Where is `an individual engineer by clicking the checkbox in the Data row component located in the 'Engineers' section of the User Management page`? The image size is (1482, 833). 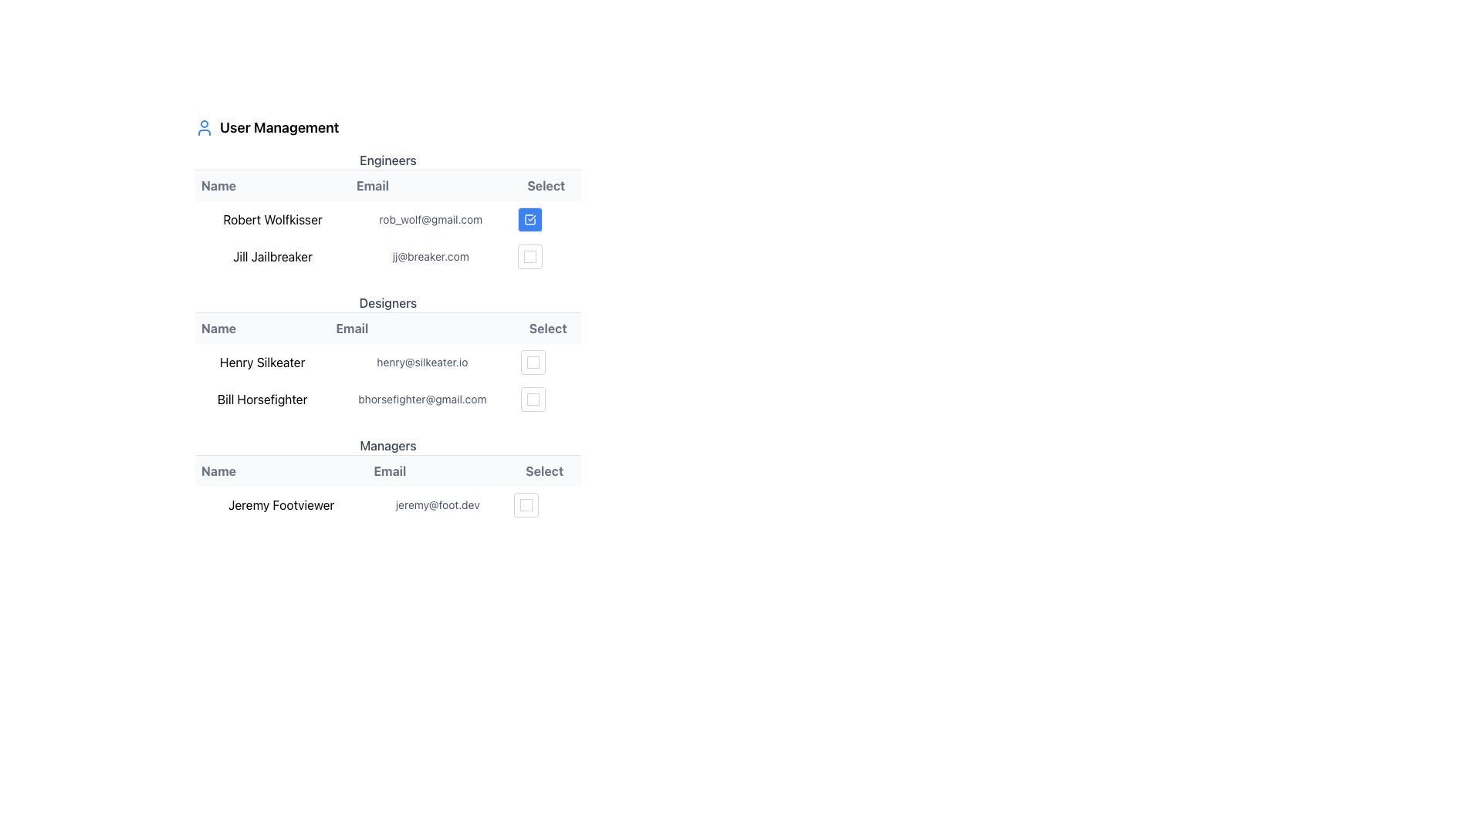
an individual engineer by clicking the checkbox in the Data row component located in the 'Engineers' section of the User Management page is located at coordinates (388, 238).